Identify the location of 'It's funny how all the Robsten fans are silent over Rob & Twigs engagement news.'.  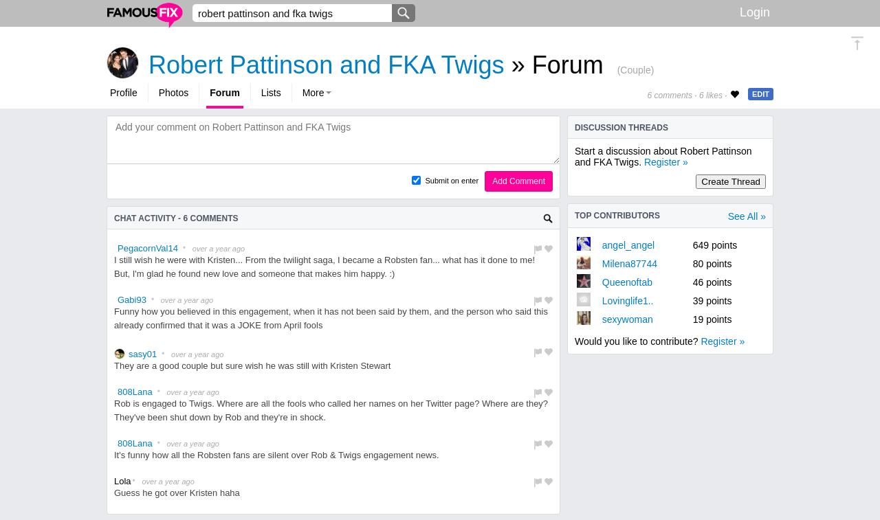
(276, 455).